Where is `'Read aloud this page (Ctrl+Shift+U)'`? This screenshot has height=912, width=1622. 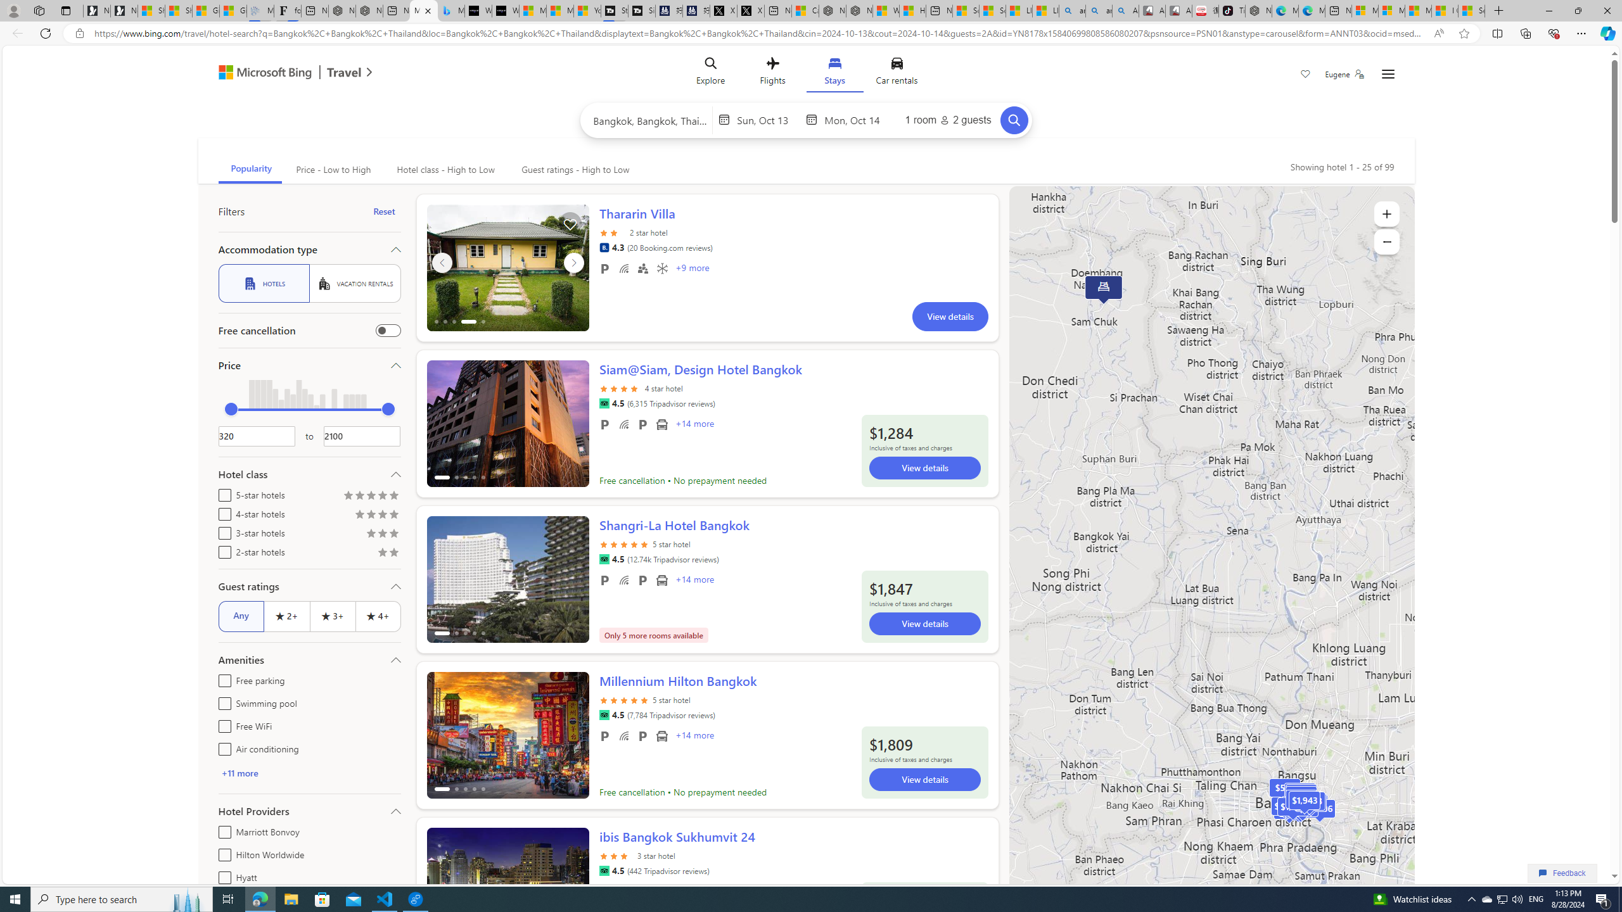 'Read aloud this page (Ctrl+Shift+U)' is located at coordinates (1438, 34).